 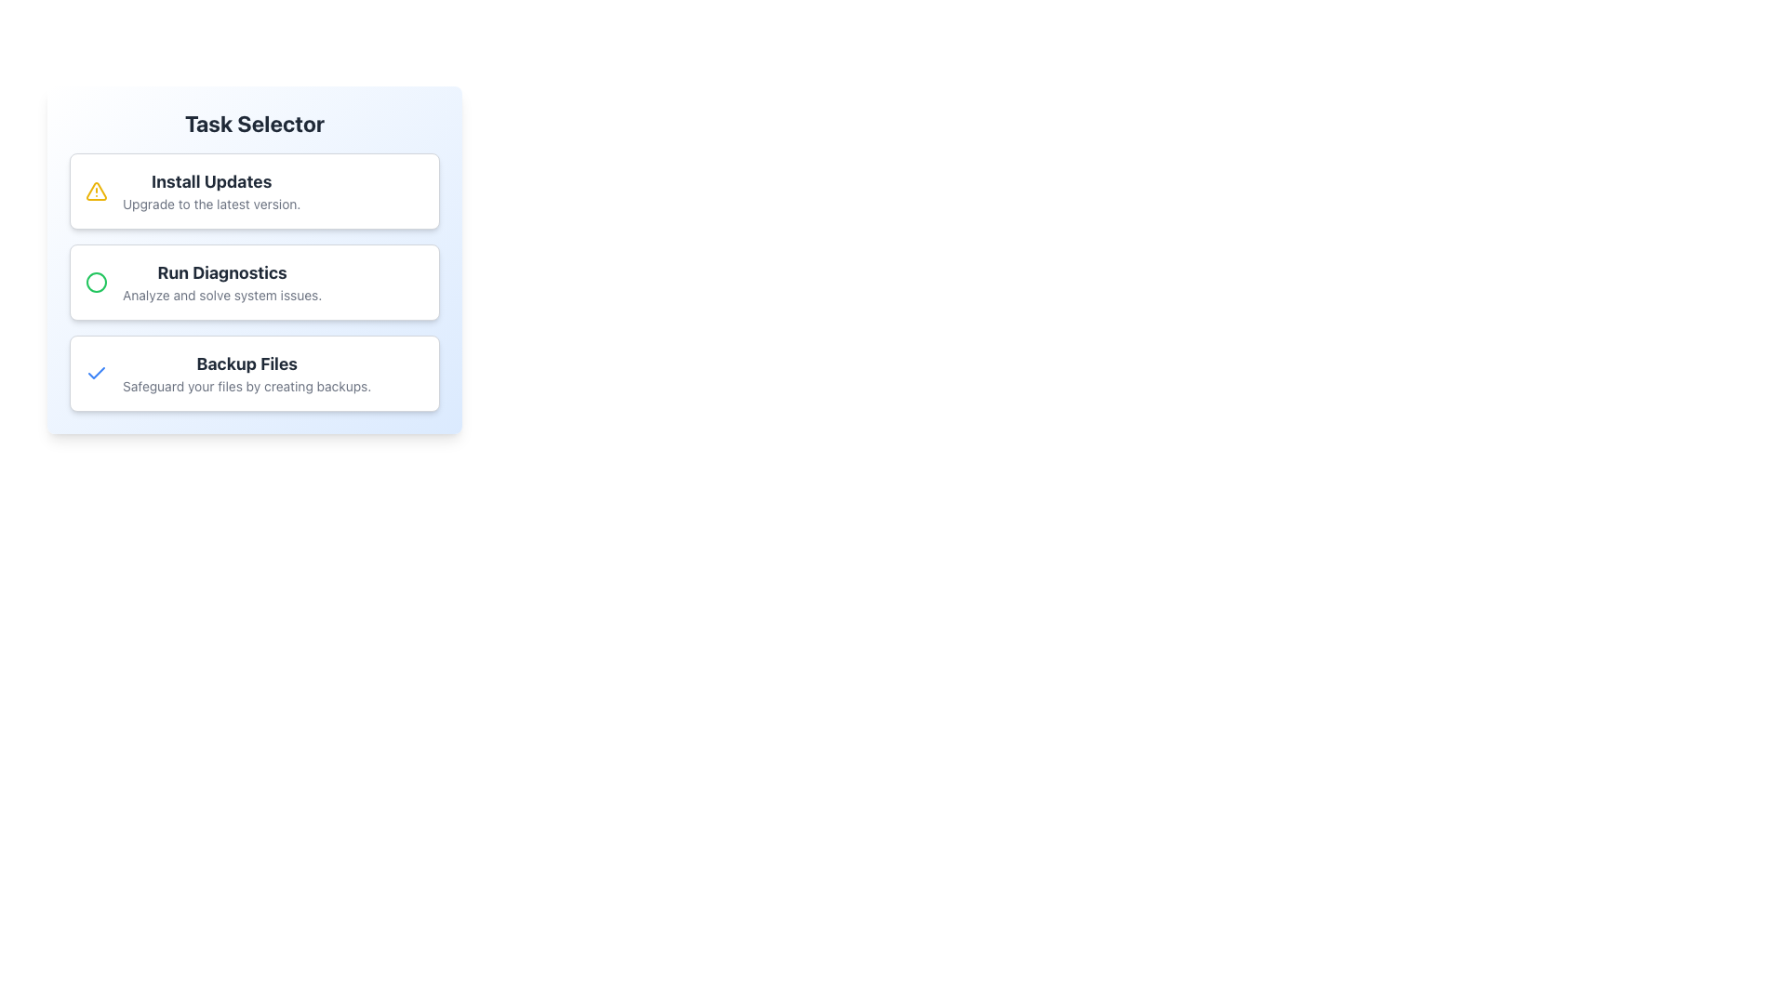 What do you see at coordinates (96, 191) in the screenshot?
I see `the warning icon located to the left of the 'Install Updates' label in the menu` at bounding box center [96, 191].